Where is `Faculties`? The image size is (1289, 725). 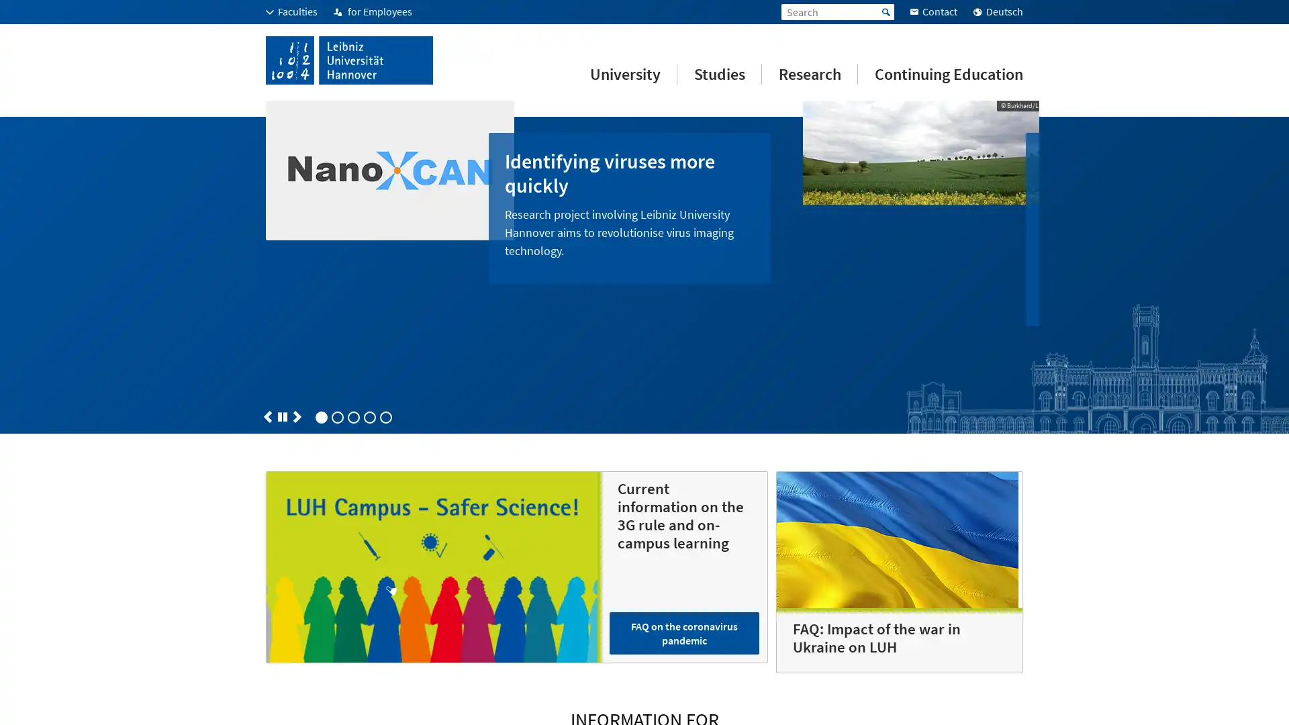 Faculties is located at coordinates (291, 12).